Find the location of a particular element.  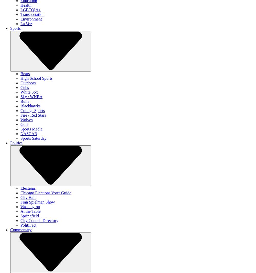

'High School Sports' is located at coordinates (20, 78).